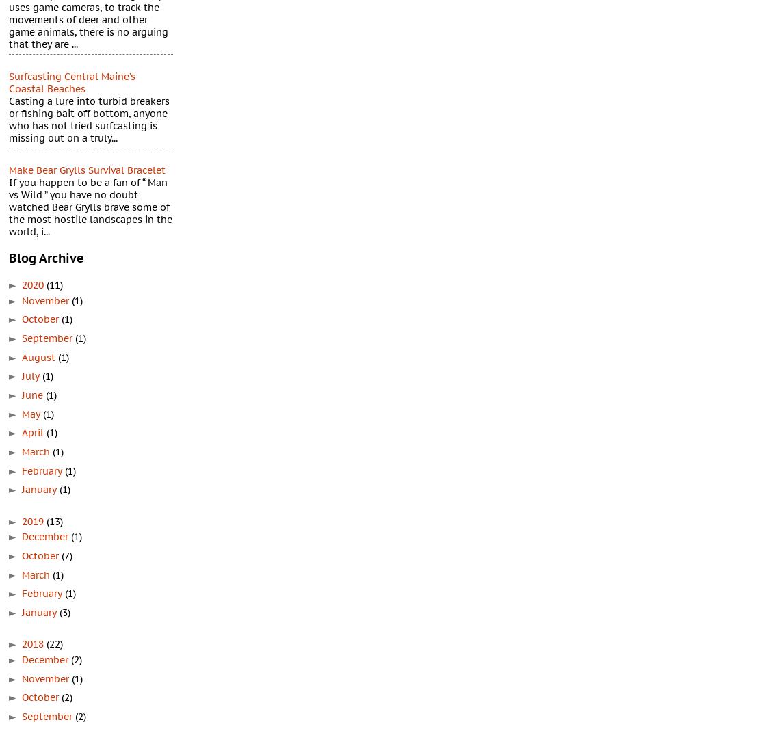 The image size is (766, 731). What do you see at coordinates (34, 432) in the screenshot?
I see `'April'` at bounding box center [34, 432].